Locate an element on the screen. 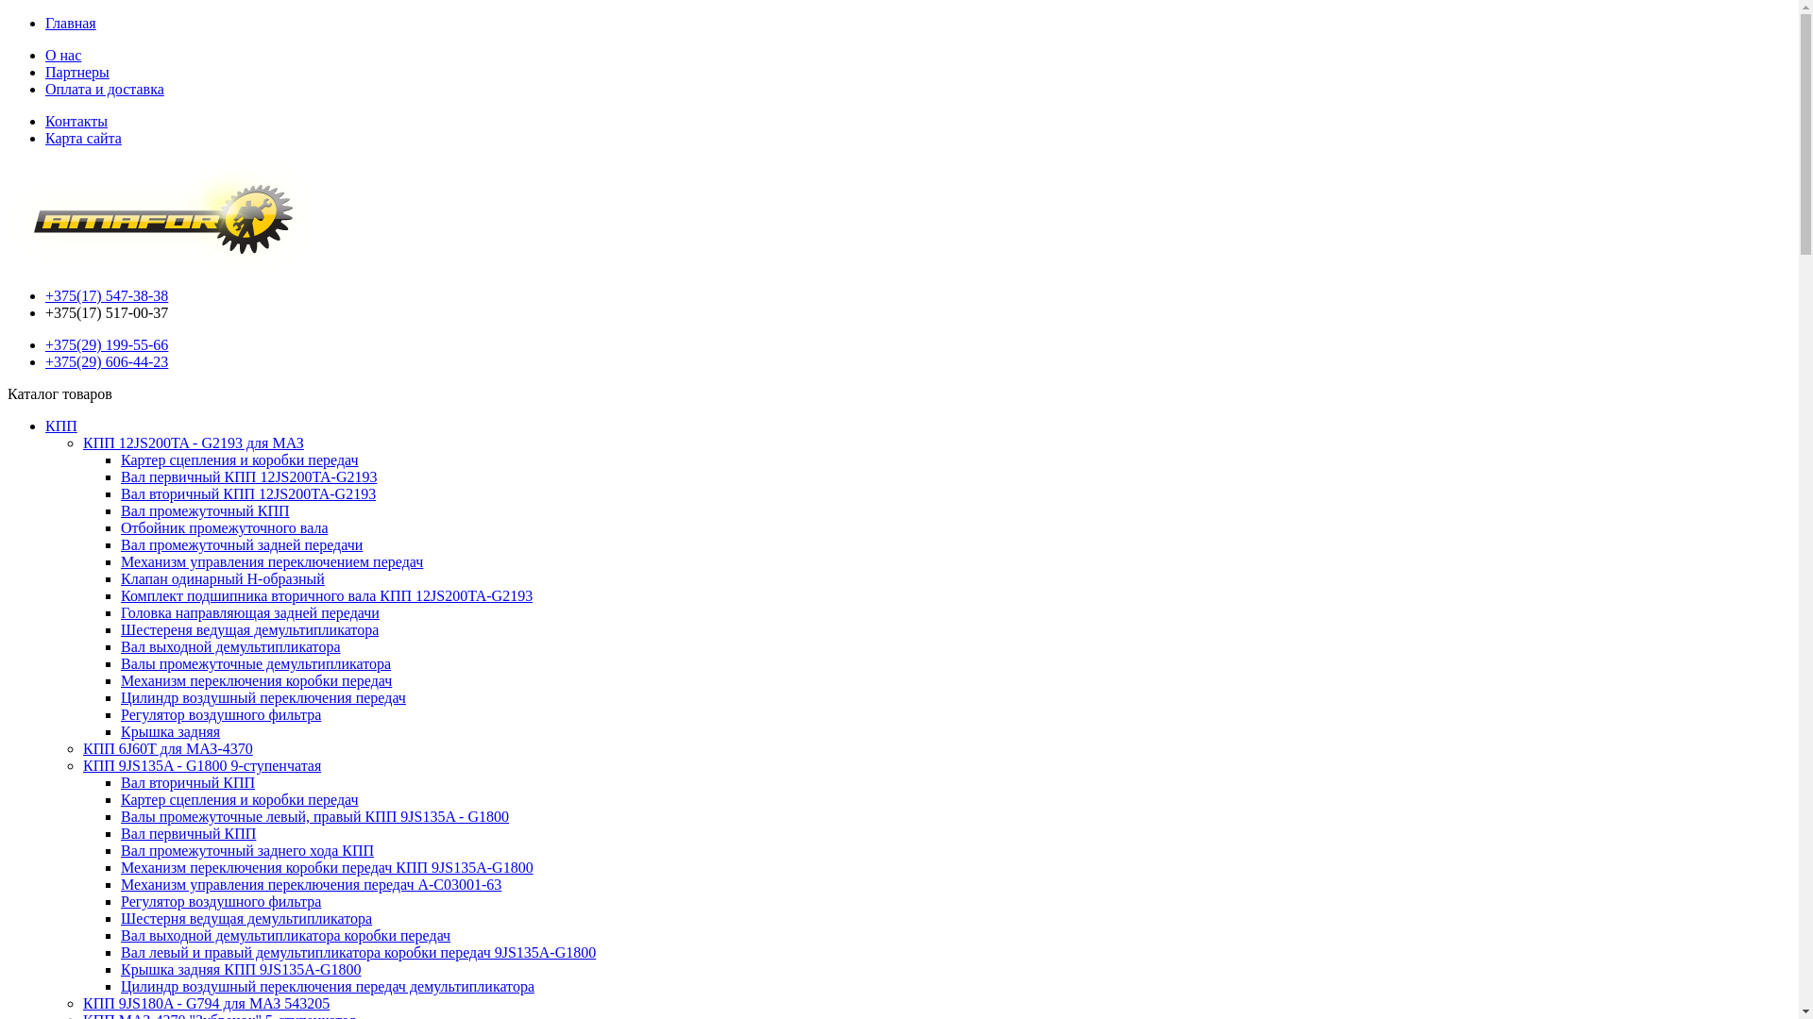 The height and width of the screenshot is (1019, 1813). '+375(17) 547-38-38' is located at coordinates (106, 295).